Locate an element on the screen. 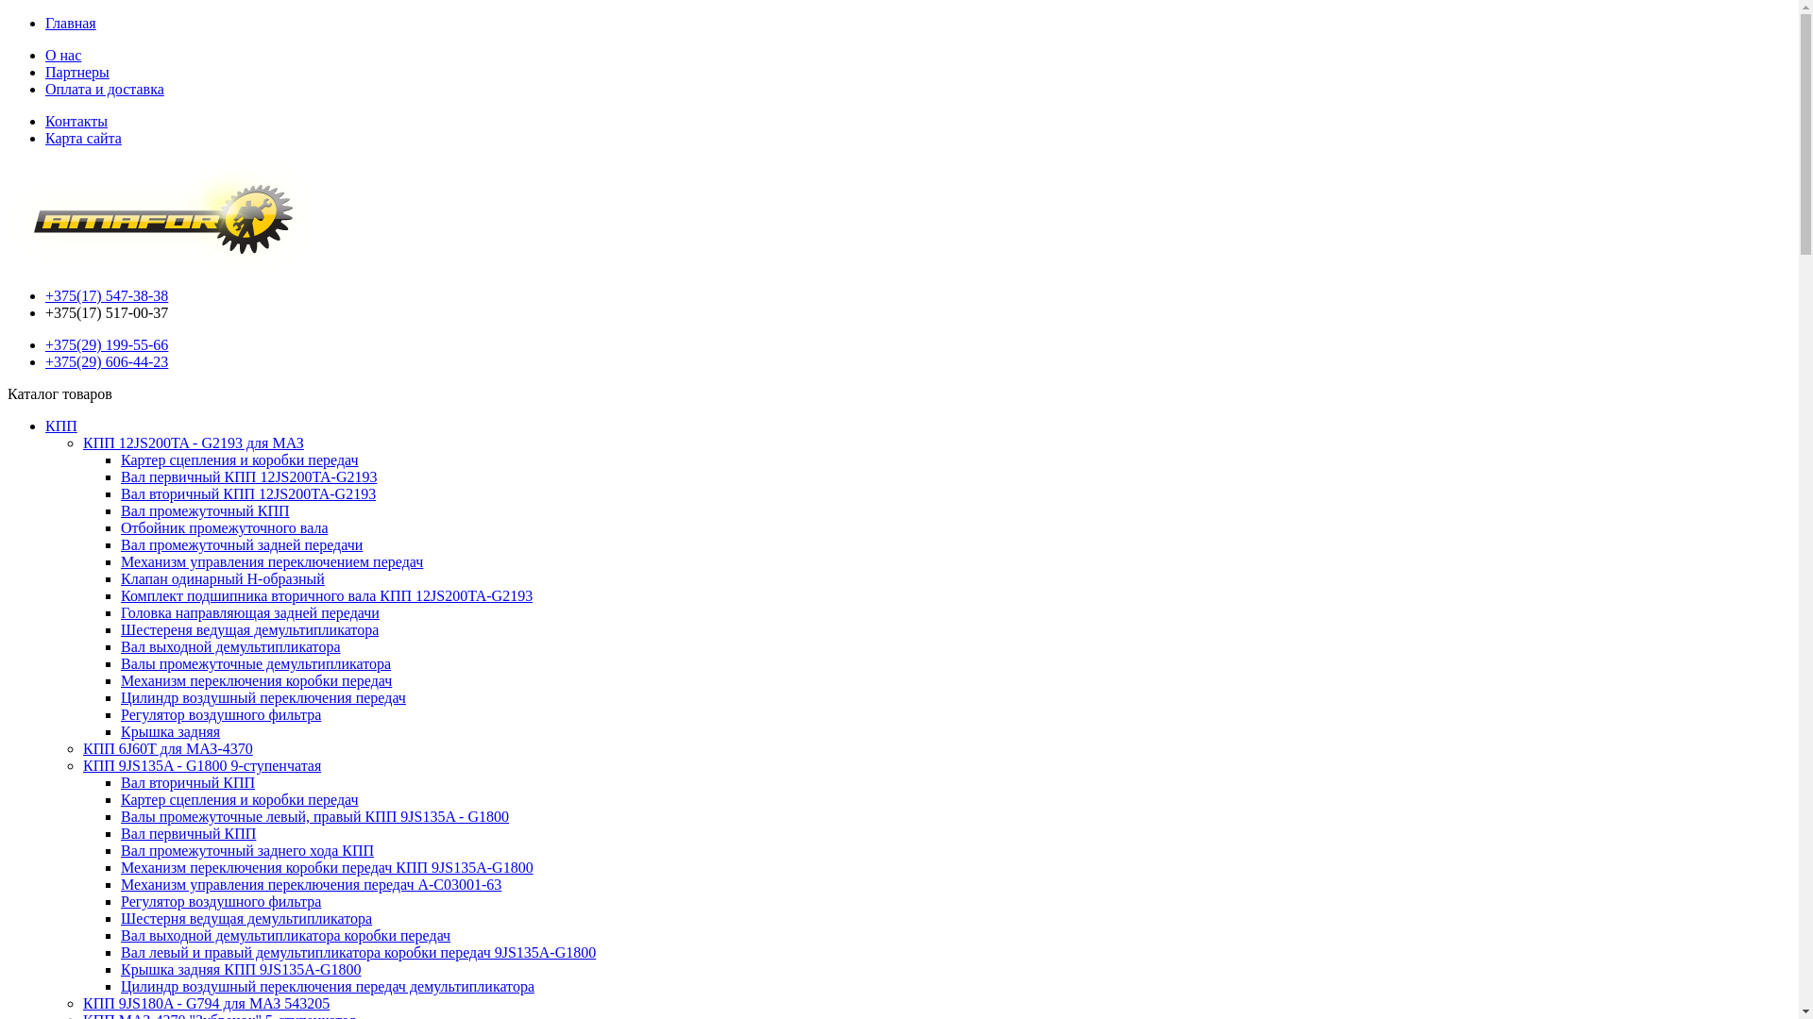 The height and width of the screenshot is (1019, 1813). '+375(17) 547-38-38' is located at coordinates (106, 295).